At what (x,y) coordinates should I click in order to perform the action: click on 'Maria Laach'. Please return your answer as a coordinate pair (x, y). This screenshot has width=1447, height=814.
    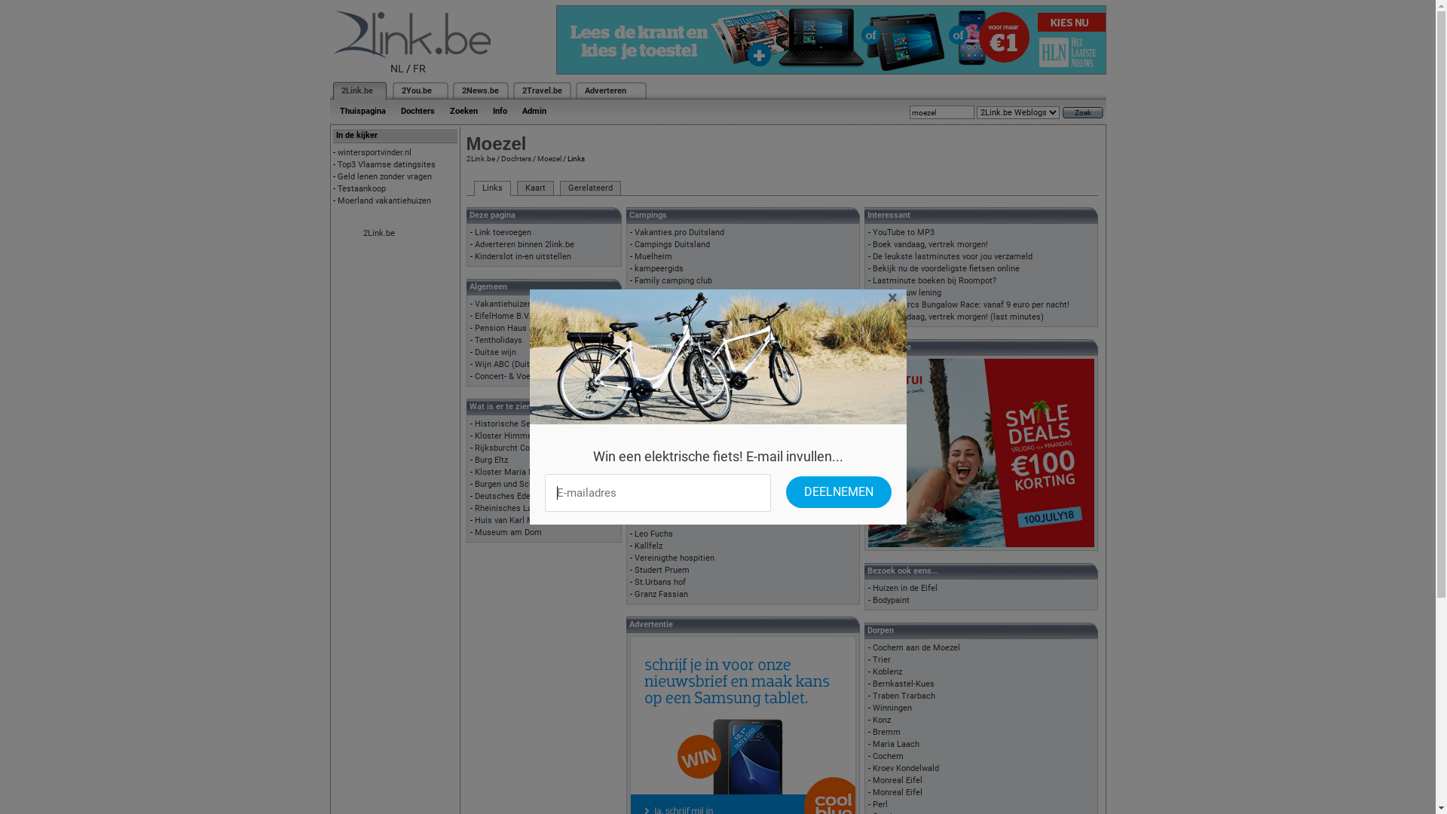
    Looking at the image, I should click on (872, 743).